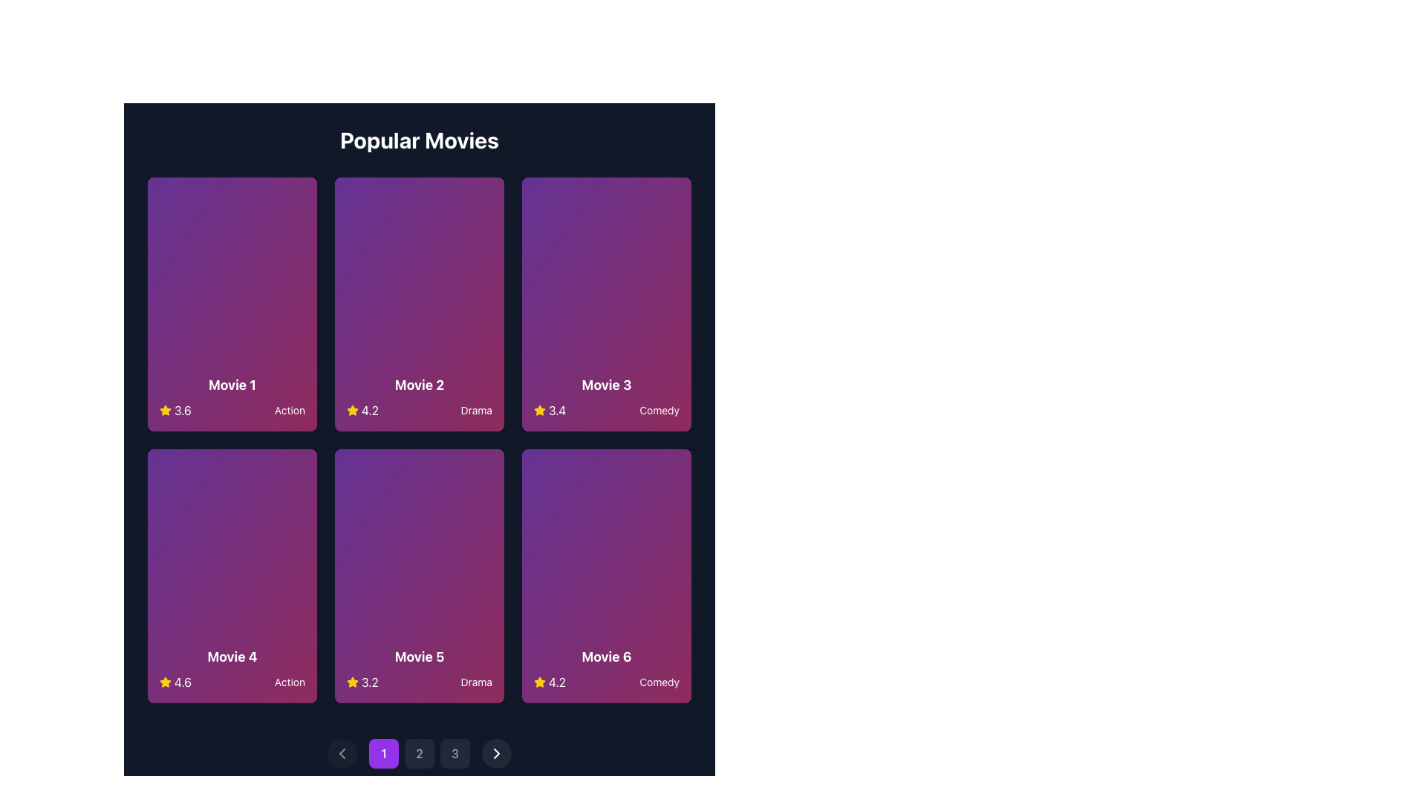 The width and height of the screenshot is (1426, 802). Describe the element at coordinates (665, 203) in the screenshot. I see `the favorite button located at the top-right corner of the card displaying information about 'Movie 3'` at that location.